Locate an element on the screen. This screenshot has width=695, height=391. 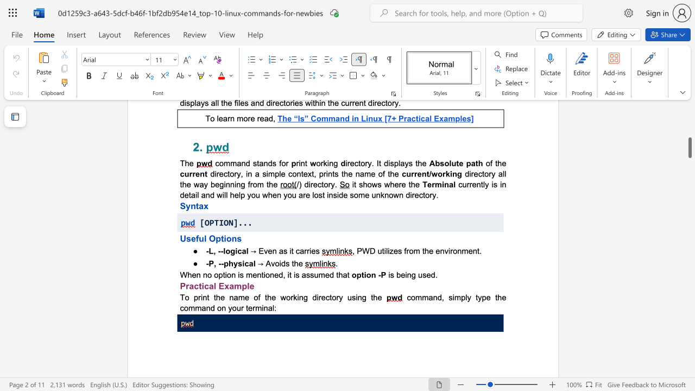
the subset text "th" within the text "→ Avoids the" is located at coordinates (292, 263).